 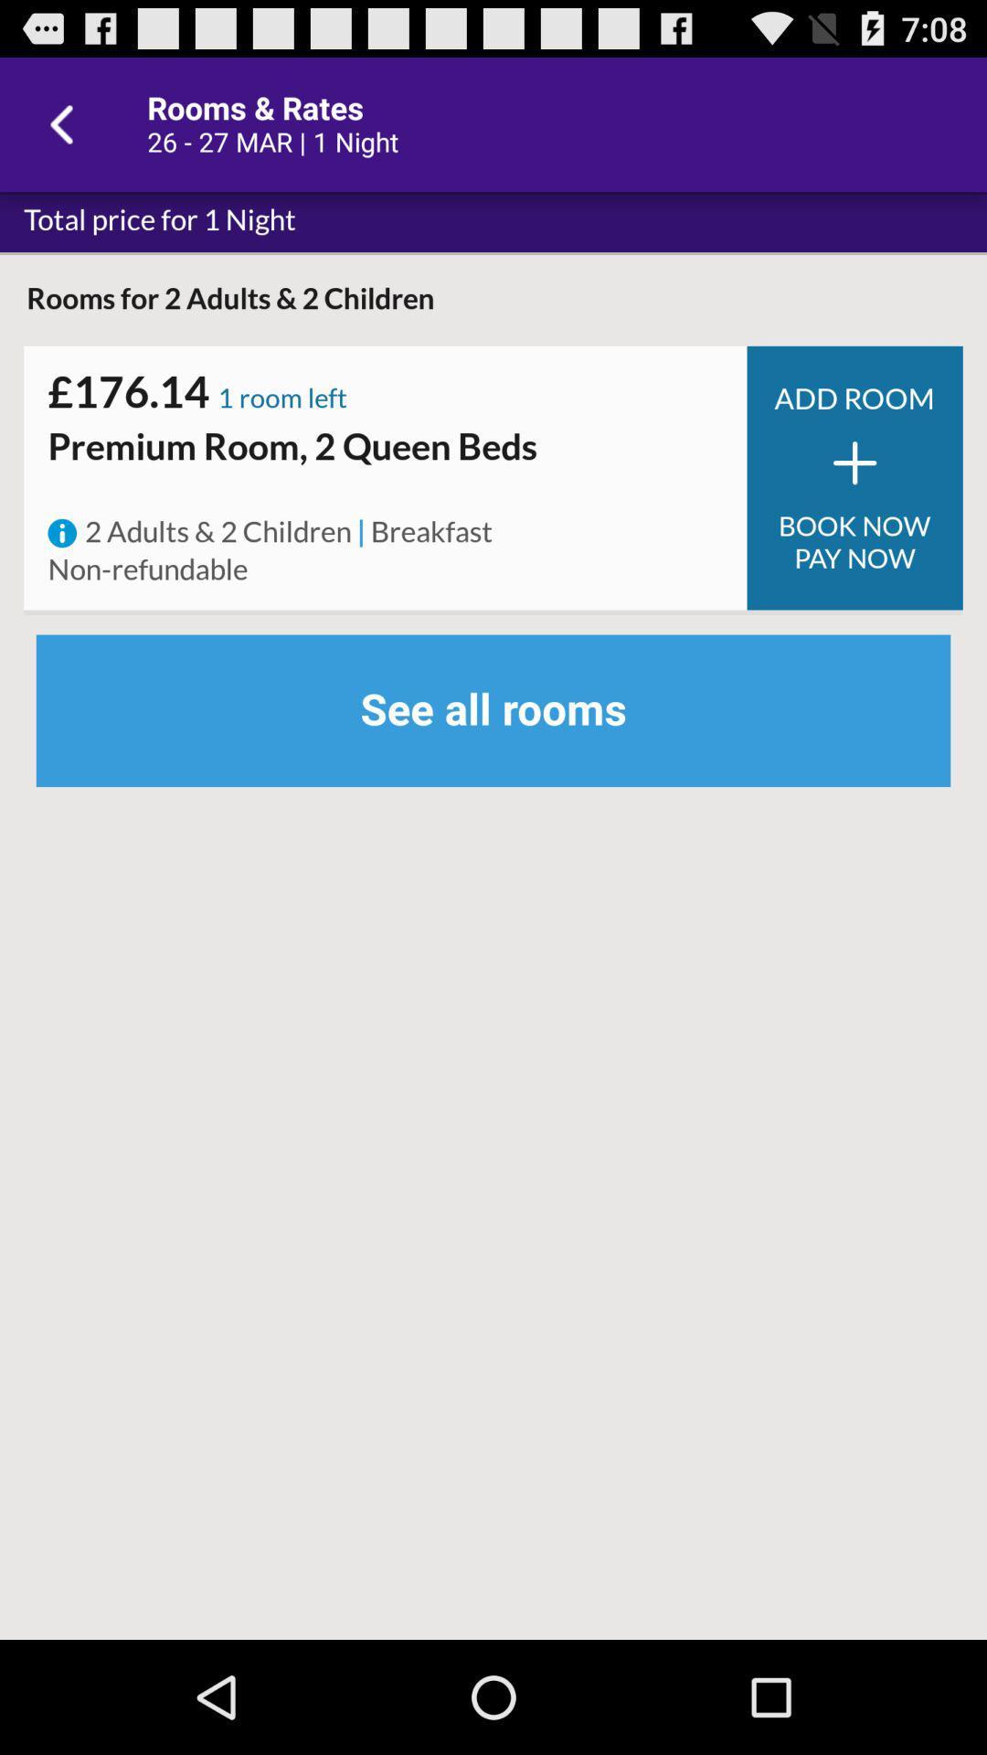 I want to click on the app to the left of the rooms & rates item, so click(x=66, y=123).